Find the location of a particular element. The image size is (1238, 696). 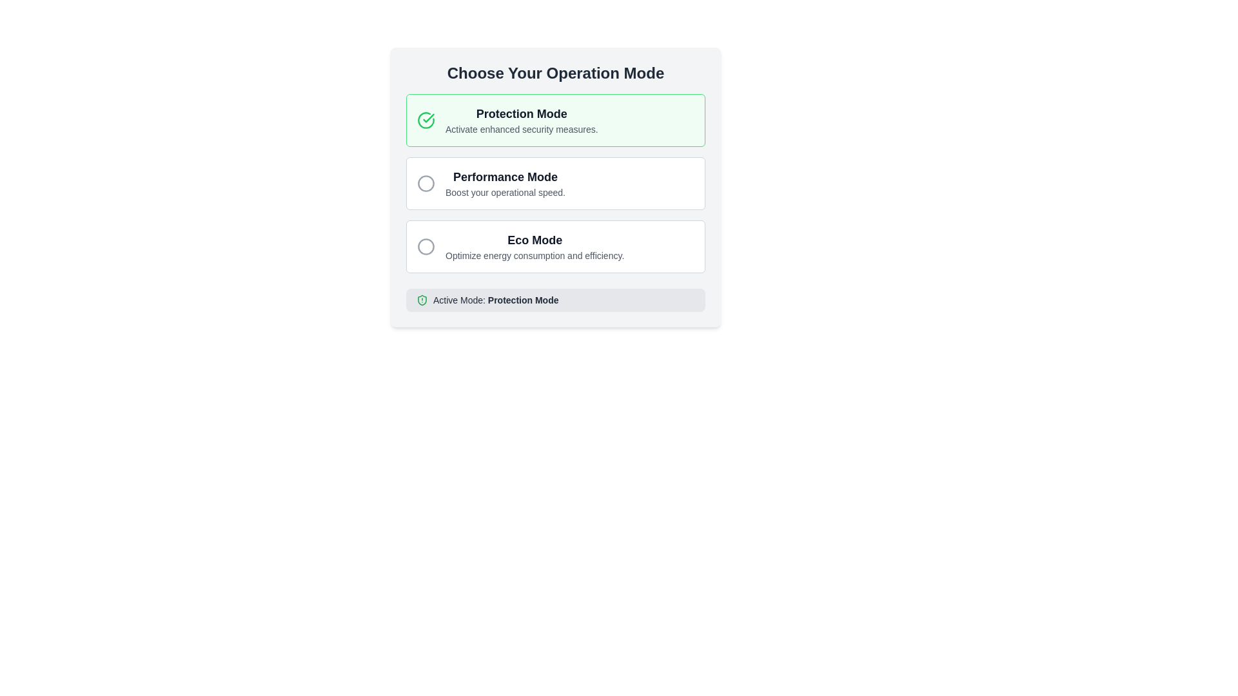

the 'Performance Mode' text block, which is the second option in a vertical list of operational modes is located at coordinates (504, 184).